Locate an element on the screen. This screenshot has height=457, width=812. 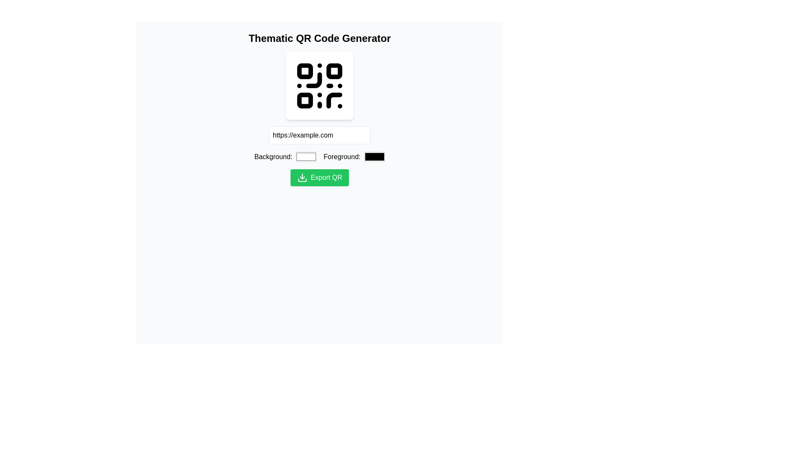
the Color input field for the QR code background color selection is located at coordinates (306, 157).